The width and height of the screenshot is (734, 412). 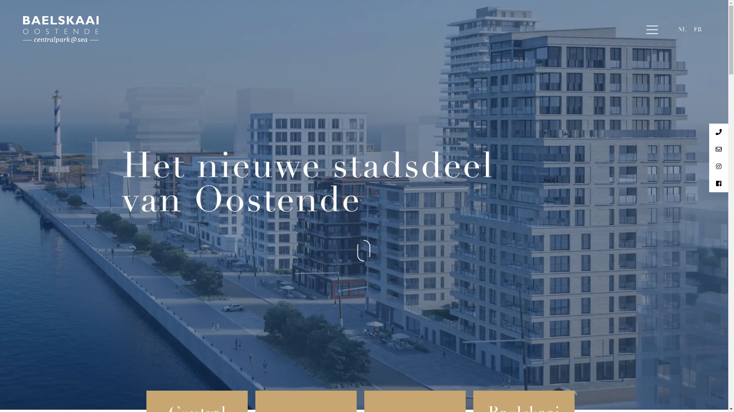 I want to click on 'FR', so click(x=698, y=29).